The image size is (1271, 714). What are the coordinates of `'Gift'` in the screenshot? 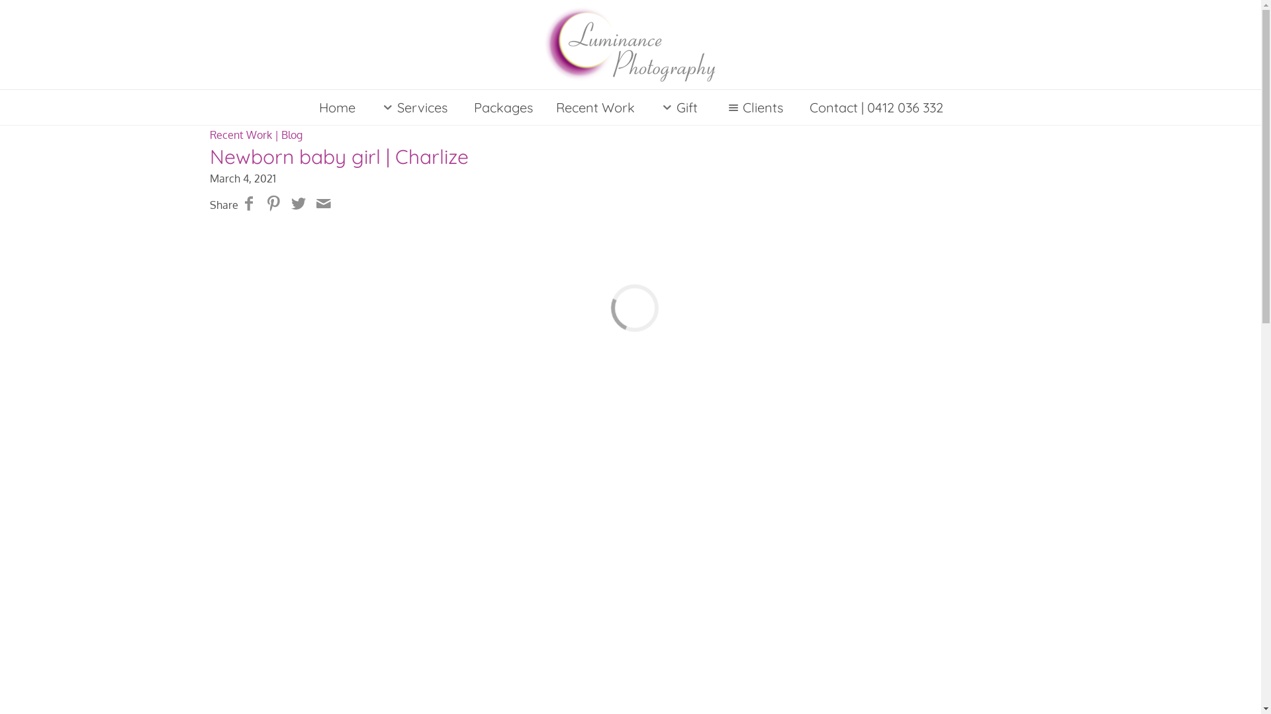 It's located at (677, 106).